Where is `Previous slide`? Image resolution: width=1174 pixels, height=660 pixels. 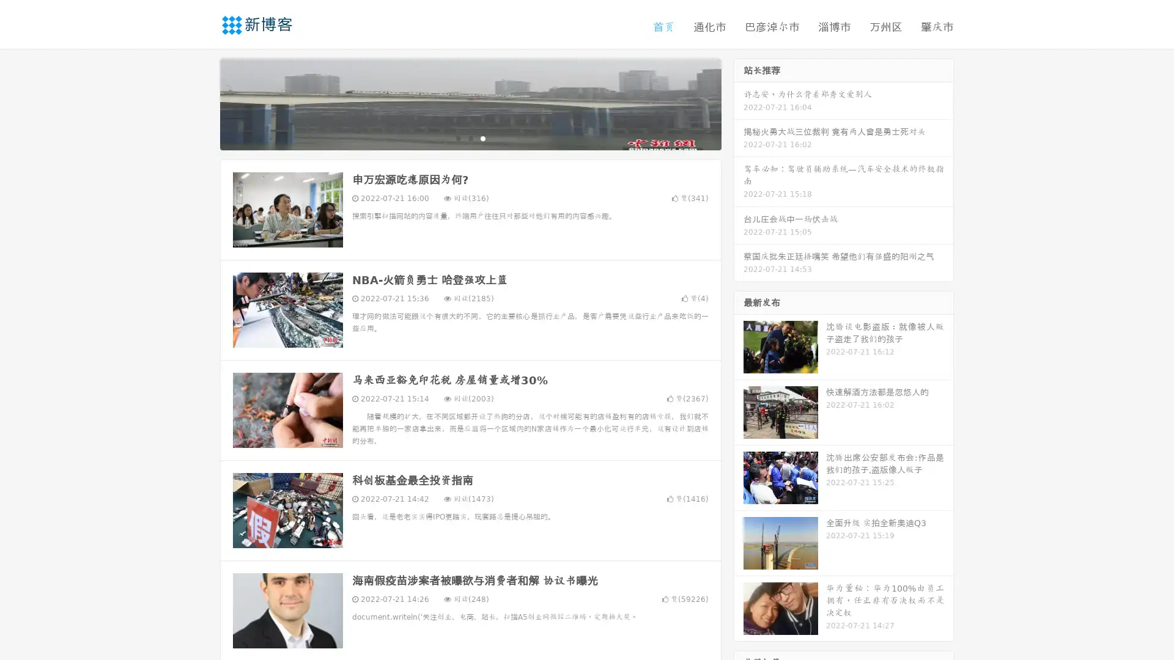 Previous slide is located at coordinates (202, 103).